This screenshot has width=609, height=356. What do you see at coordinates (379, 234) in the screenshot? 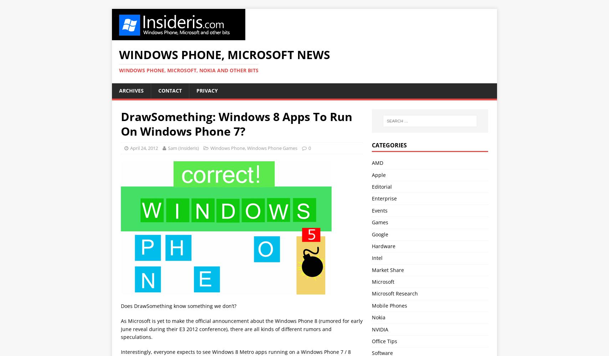
I see `'Google'` at bounding box center [379, 234].